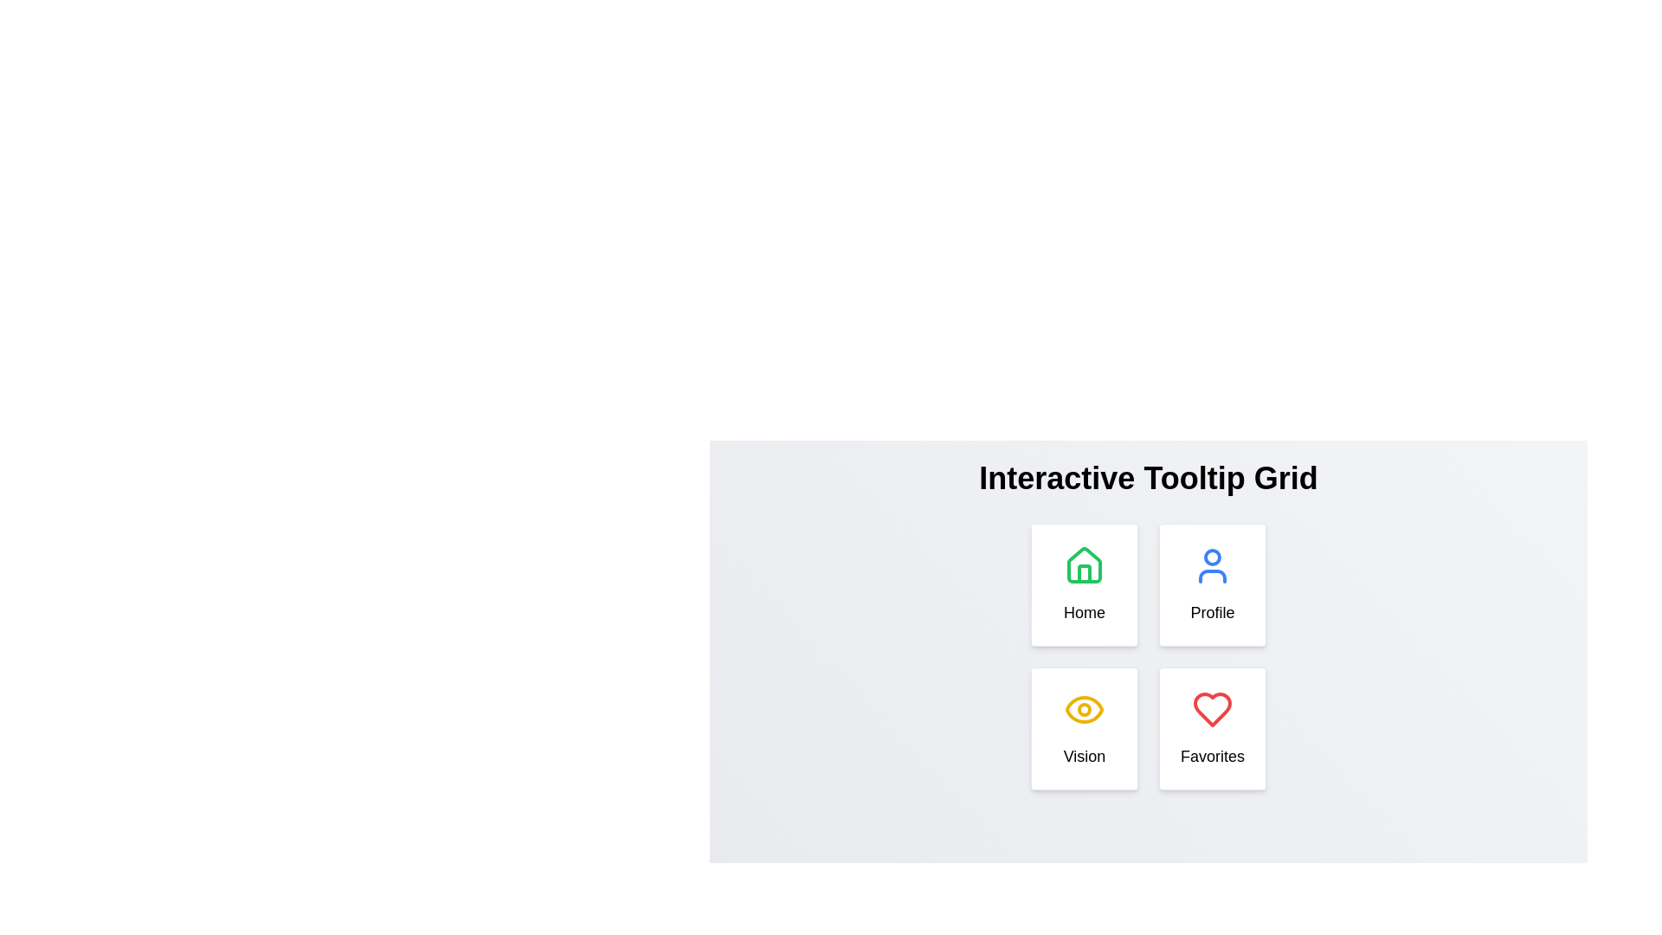  Describe the element at coordinates (1083, 756) in the screenshot. I see `the static text label displaying the word 'Vision' in bold black font, located at the bottom center of a rectangular card with a white background and an eye icon above it` at that location.